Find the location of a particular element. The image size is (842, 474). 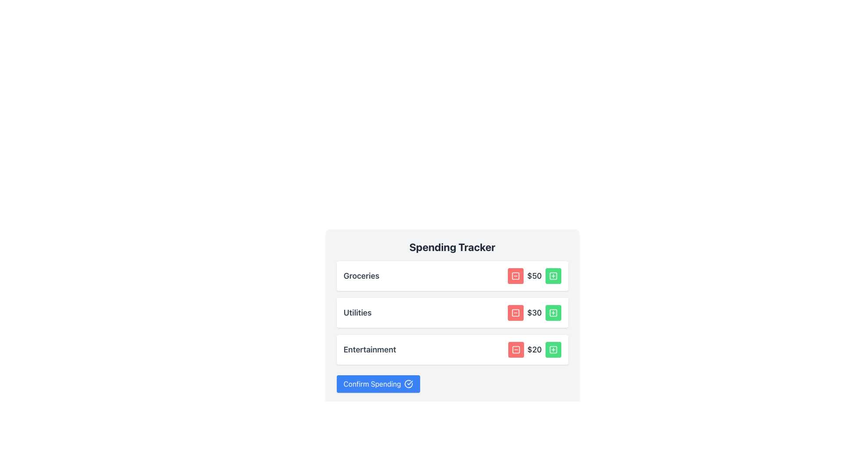

the non-interactive text label displaying the current monetary value of the 'Utilities' category in the 'Spending Tracker' interface, which shows '$30' is located at coordinates (534, 312).